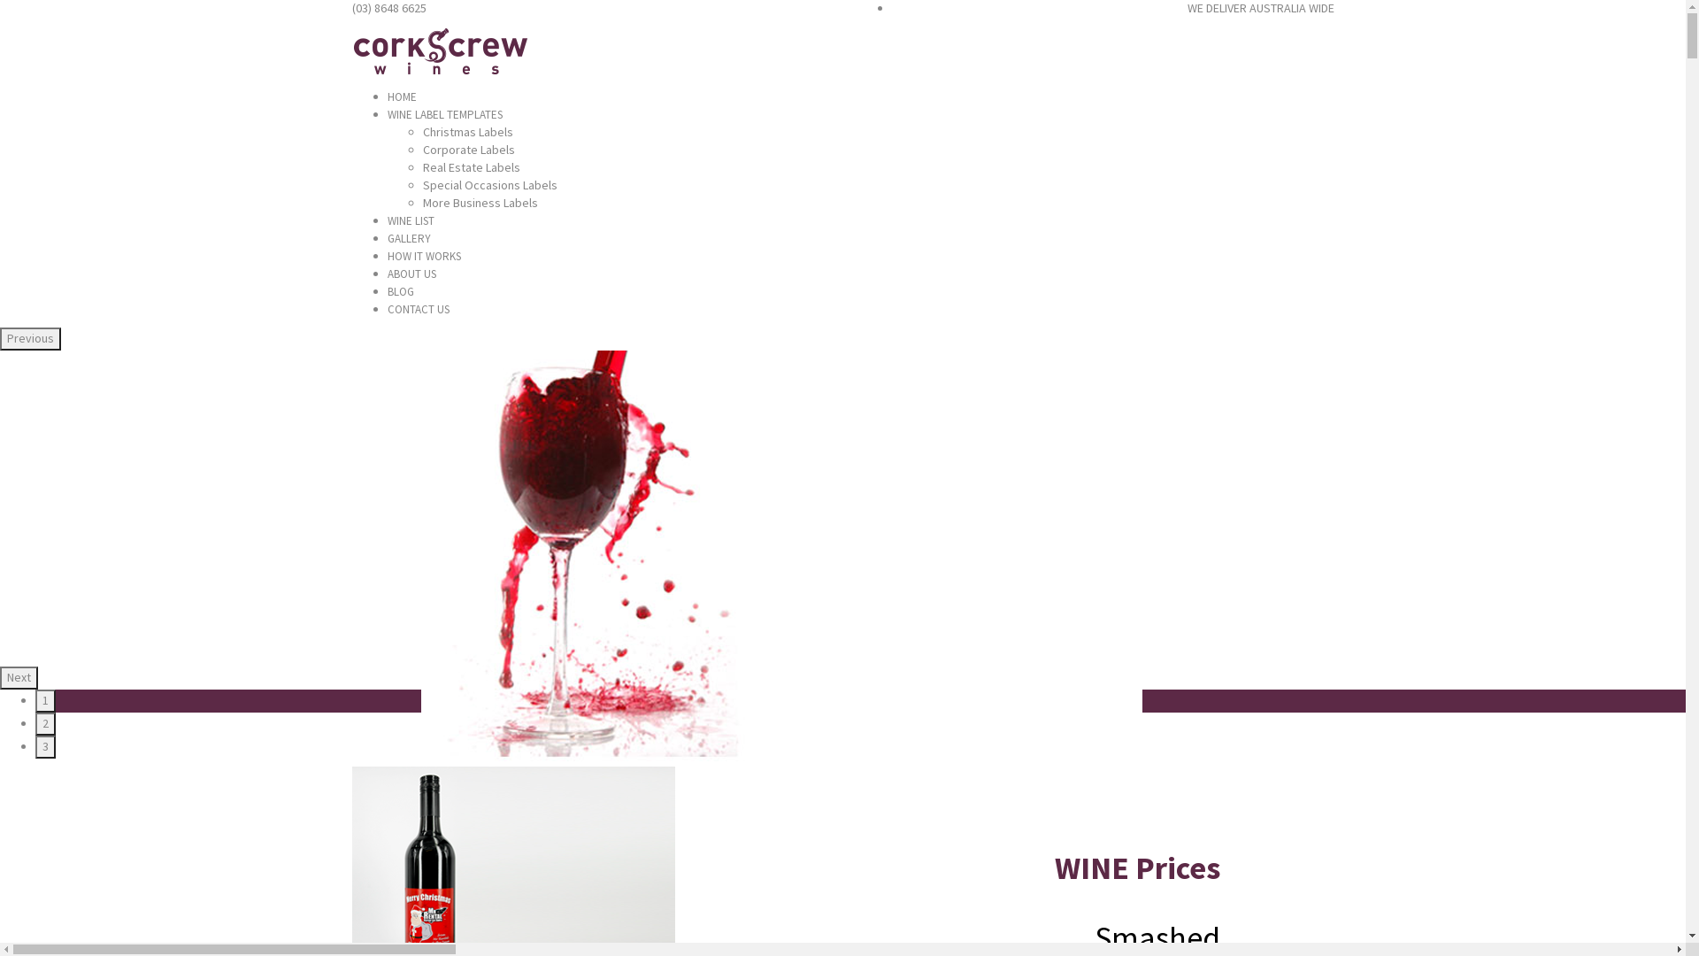 The height and width of the screenshot is (956, 1699). Describe the element at coordinates (468, 149) in the screenshot. I see `'Corporate Labels'` at that location.